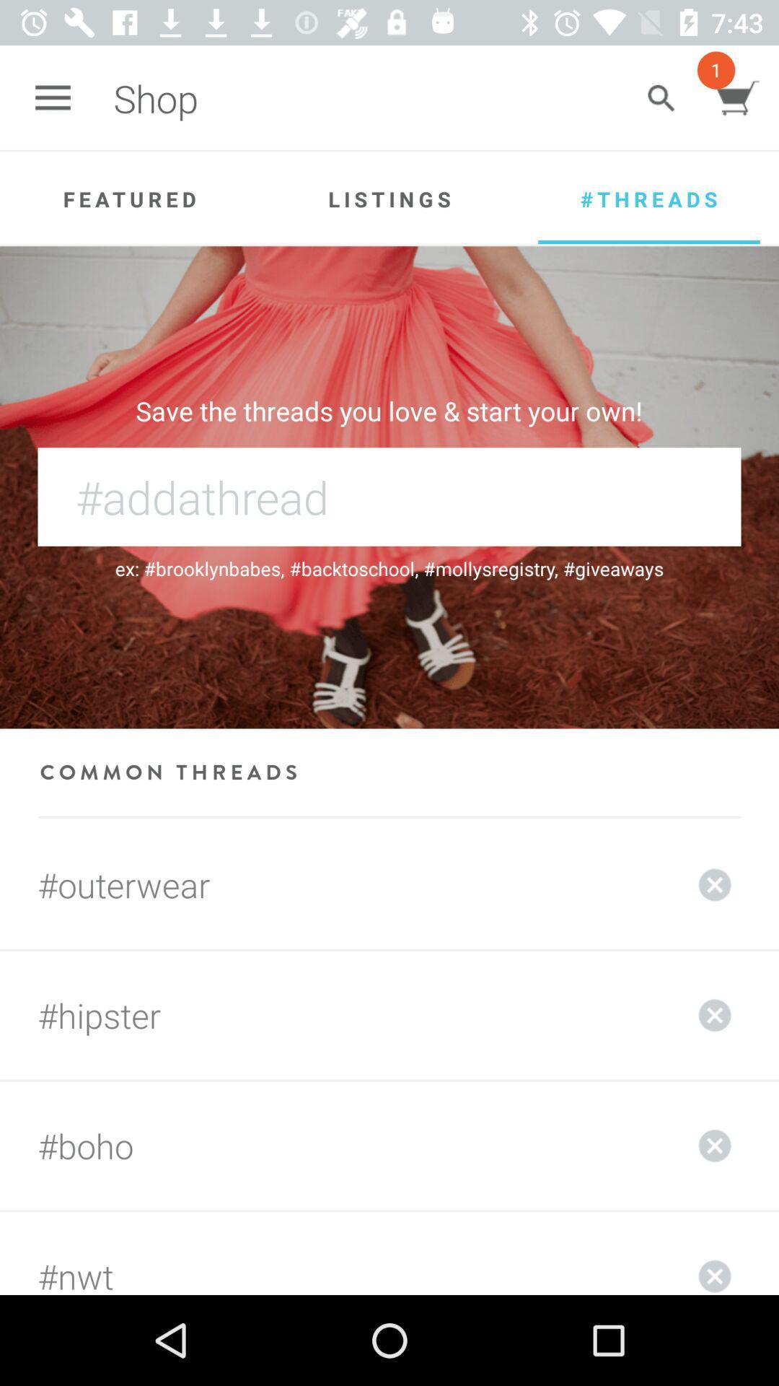  I want to click on the thread name, so click(389, 497).